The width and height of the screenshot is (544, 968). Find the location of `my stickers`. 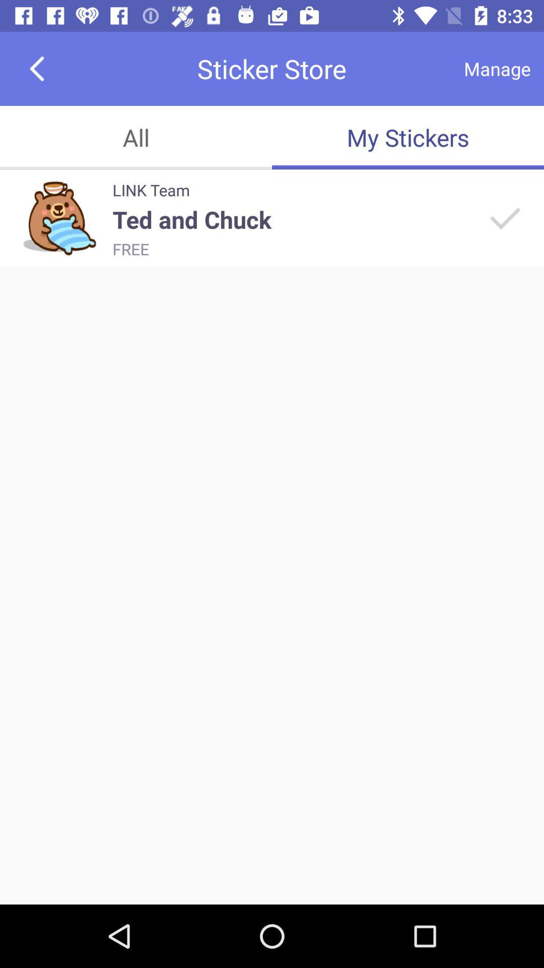

my stickers is located at coordinates (408, 137).